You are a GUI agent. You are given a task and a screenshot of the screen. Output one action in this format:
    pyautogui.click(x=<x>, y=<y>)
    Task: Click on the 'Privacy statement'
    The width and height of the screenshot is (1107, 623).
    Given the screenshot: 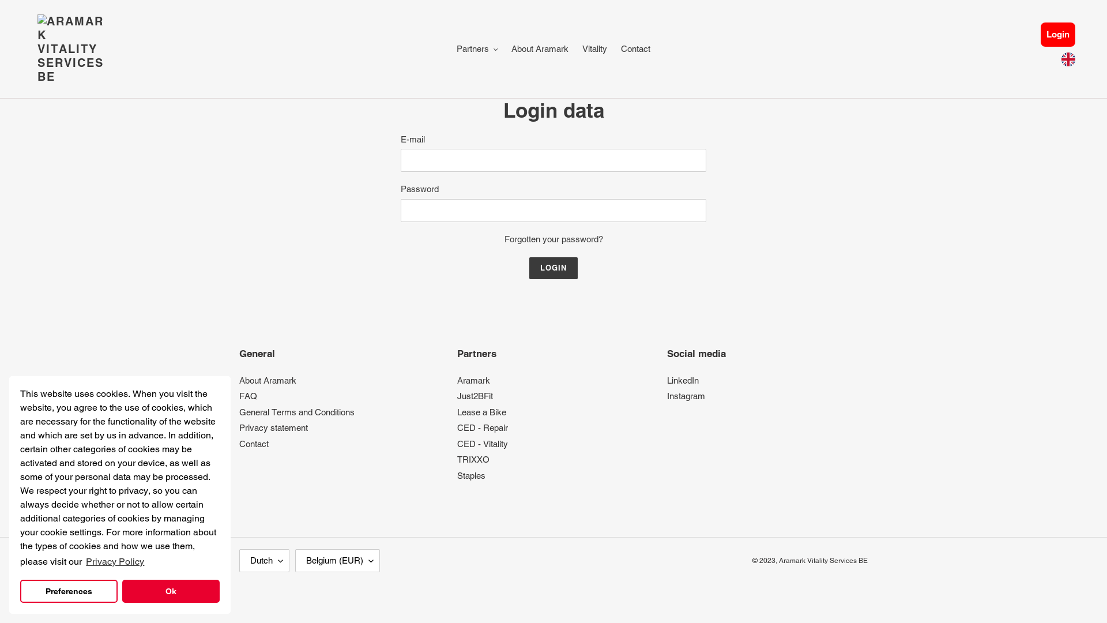 What is the action you would take?
    pyautogui.click(x=273, y=427)
    